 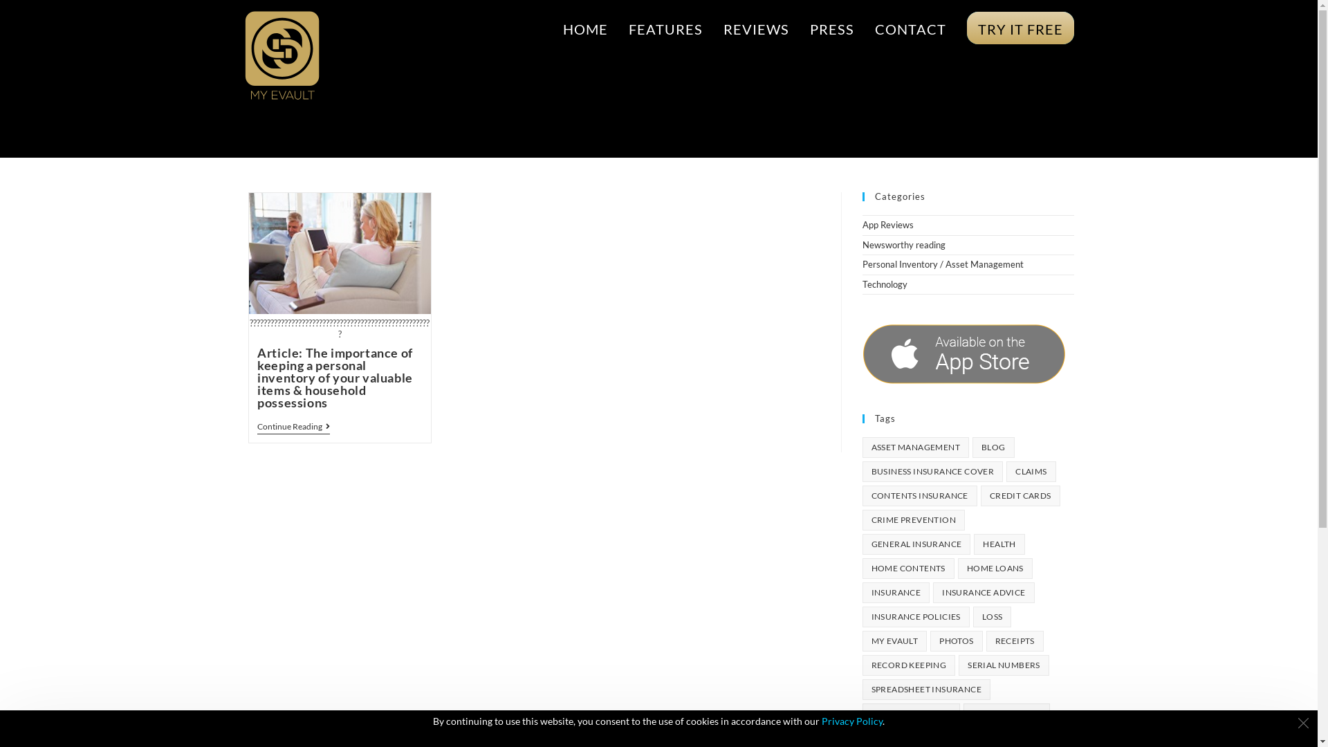 What do you see at coordinates (665, 29) in the screenshot?
I see `'FEATURES'` at bounding box center [665, 29].